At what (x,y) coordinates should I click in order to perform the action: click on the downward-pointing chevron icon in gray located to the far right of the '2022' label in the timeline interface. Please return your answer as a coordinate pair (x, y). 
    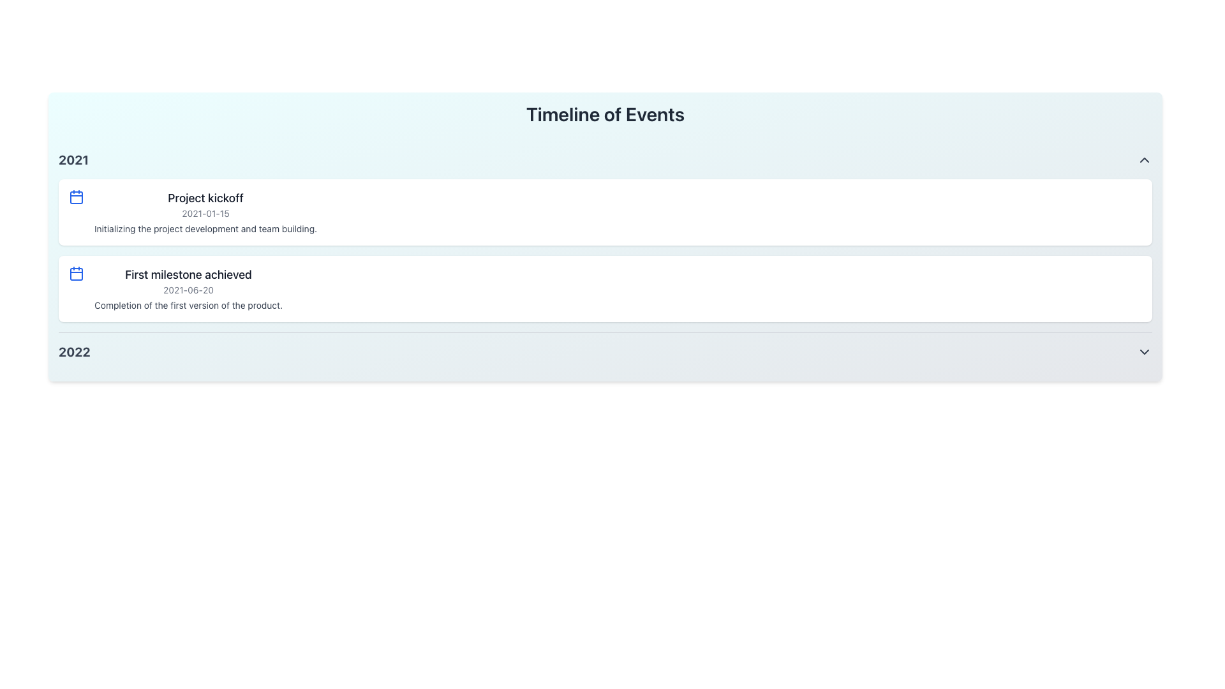
    Looking at the image, I should click on (1145, 352).